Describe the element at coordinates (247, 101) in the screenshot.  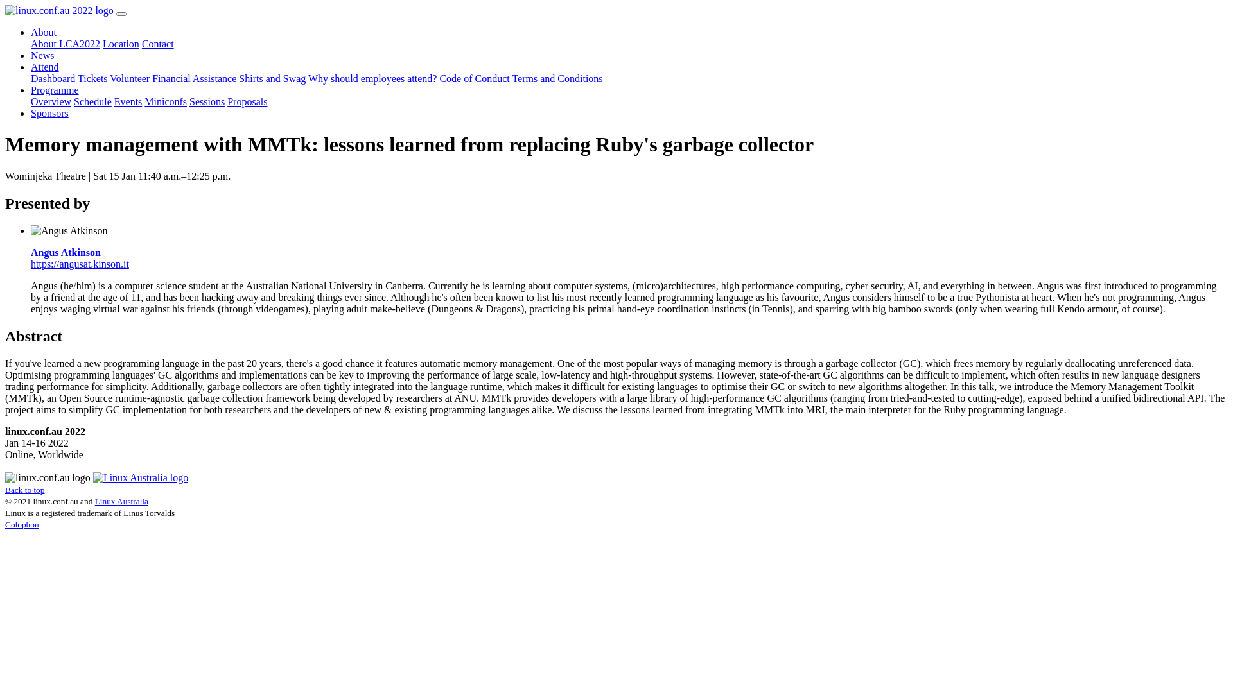
I see `'Proposals'` at that location.